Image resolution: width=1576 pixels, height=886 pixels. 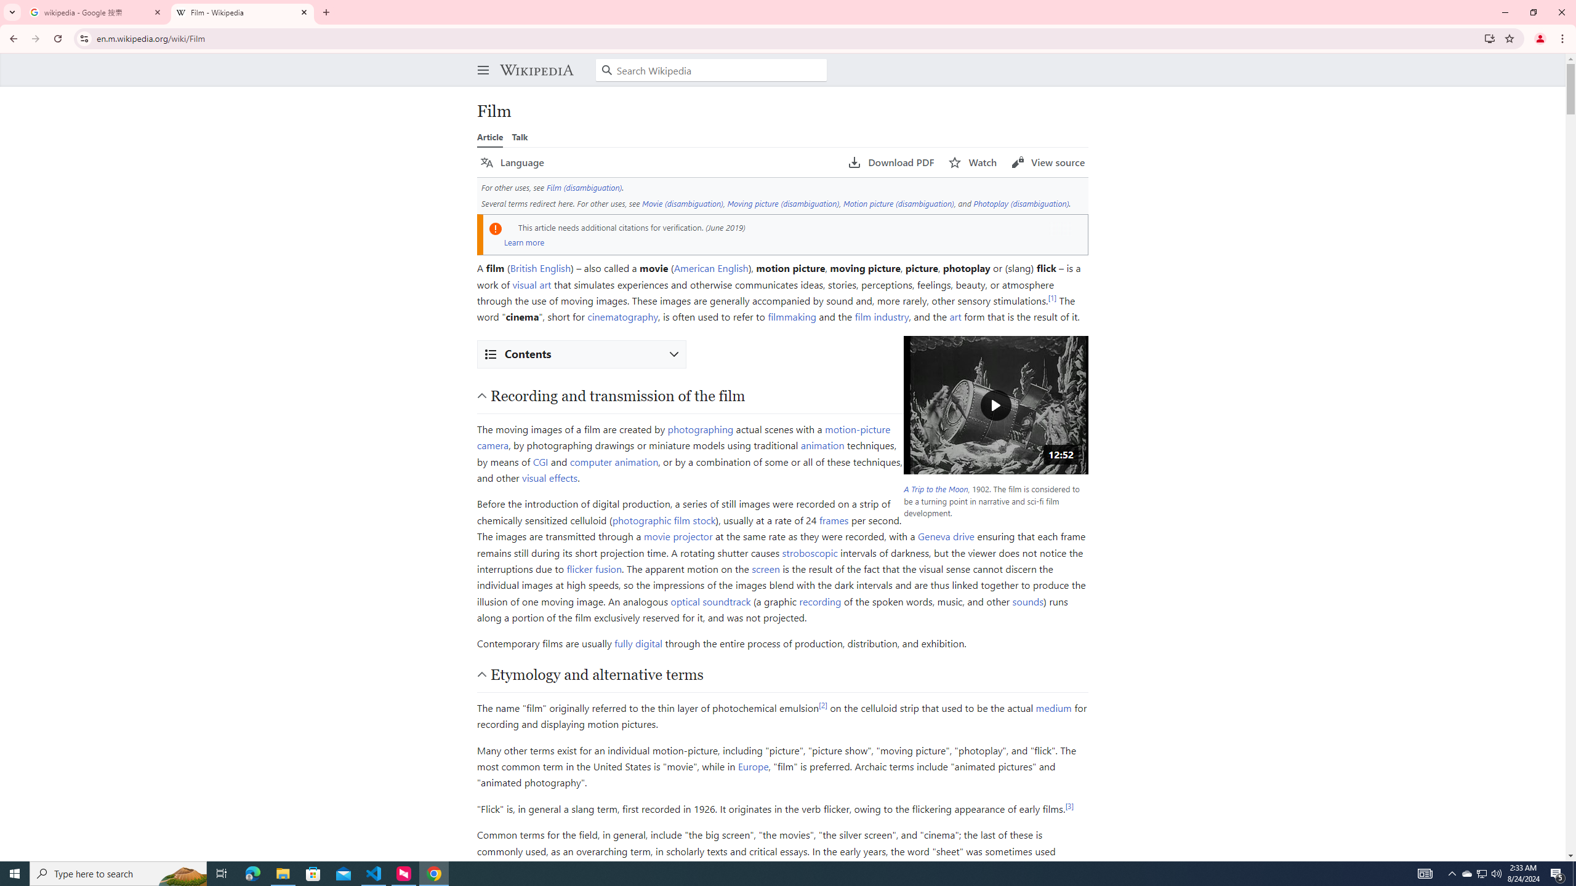 What do you see at coordinates (823, 704) in the screenshot?
I see `'[2]'` at bounding box center [823, 704].